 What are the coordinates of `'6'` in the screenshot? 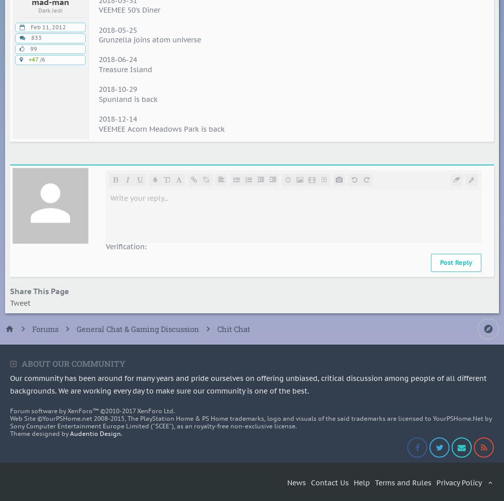 It's located at (43, 59).